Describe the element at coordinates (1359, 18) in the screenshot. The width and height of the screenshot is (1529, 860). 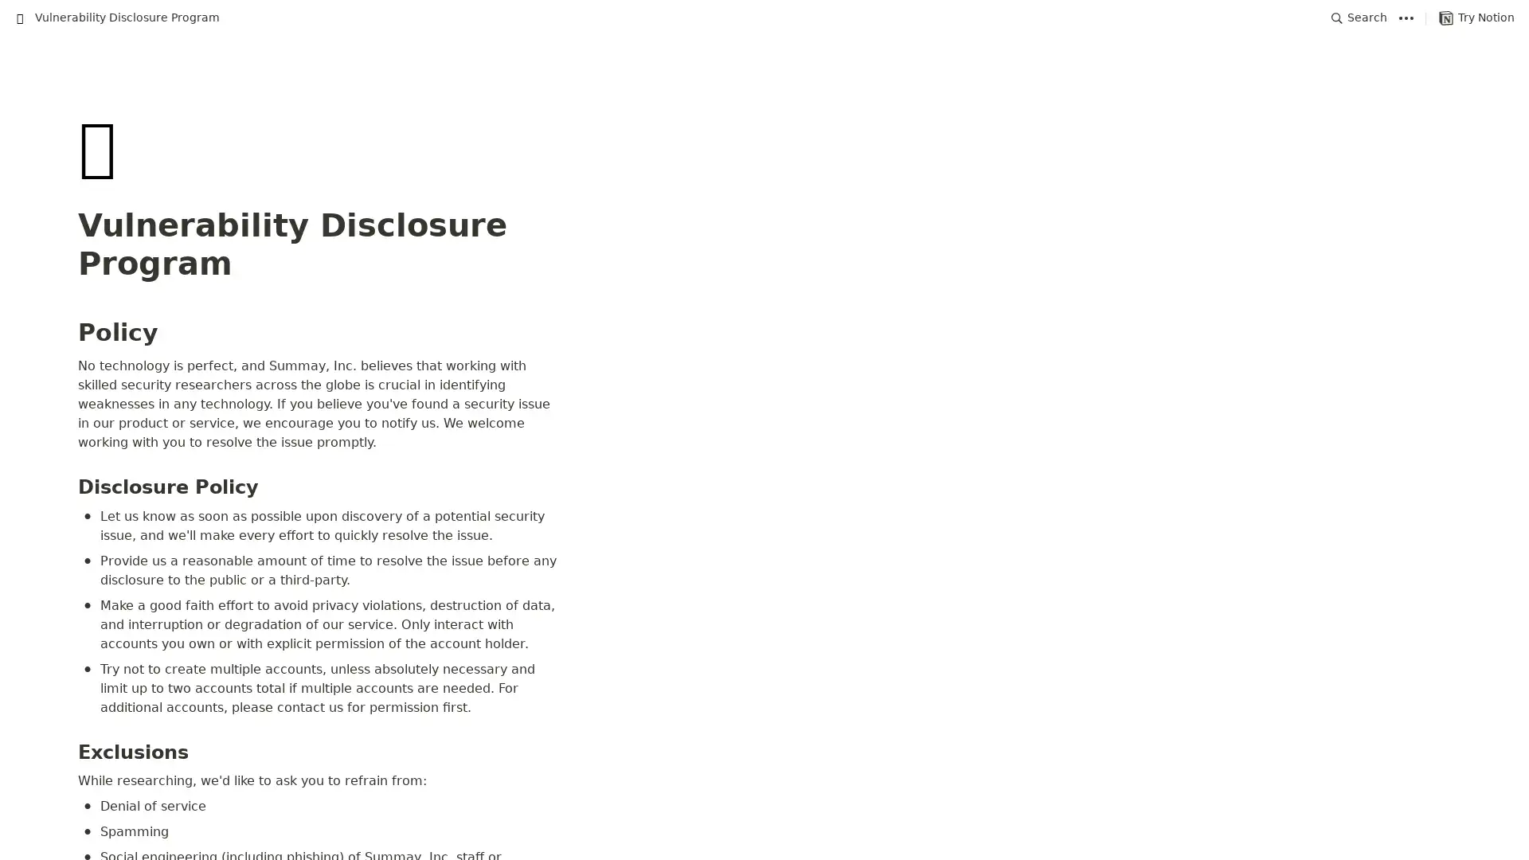
I see `Search` at that location.